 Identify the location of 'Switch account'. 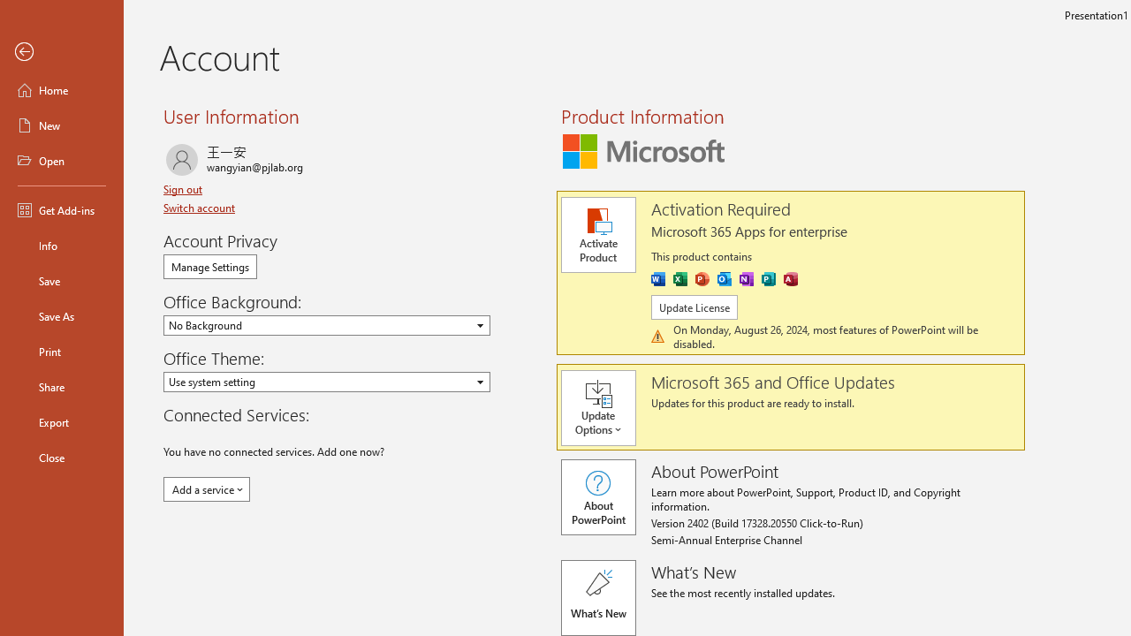
(201, 207).